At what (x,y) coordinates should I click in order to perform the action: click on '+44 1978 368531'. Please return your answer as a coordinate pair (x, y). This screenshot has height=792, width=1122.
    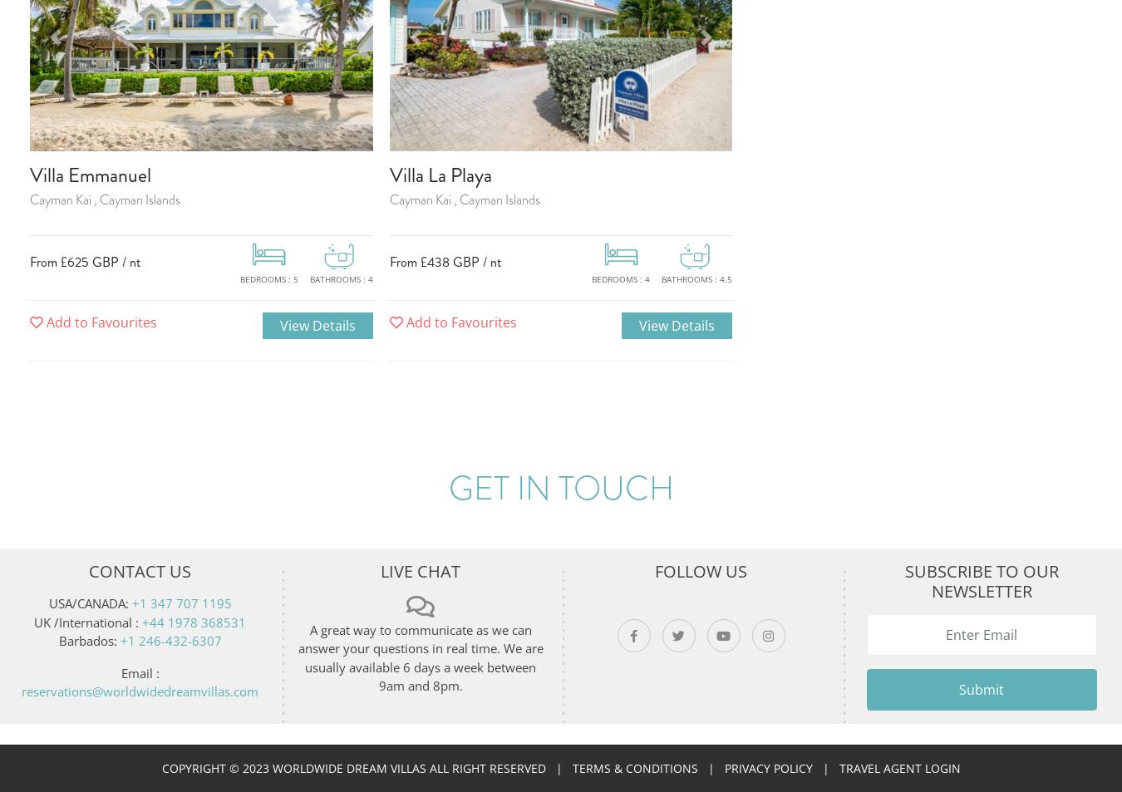
    Looking at the image, I should click on (193, 622).